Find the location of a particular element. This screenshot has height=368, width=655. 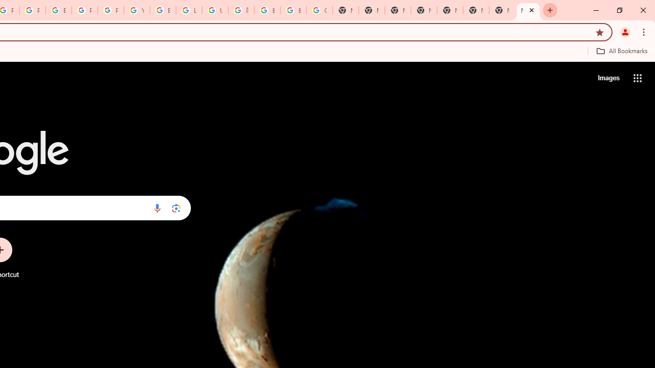

'All Bookmarks' is located at coordinates (621, 51).